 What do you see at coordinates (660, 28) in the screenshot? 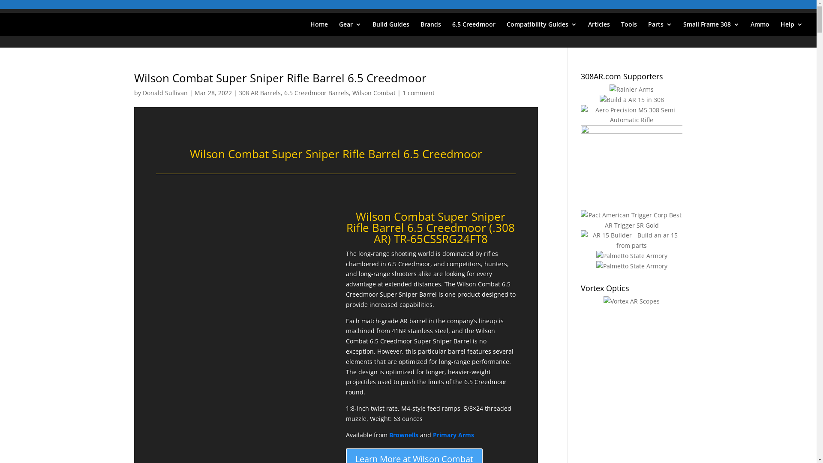
I see `'Parts'` at bounding box center [660, 28].